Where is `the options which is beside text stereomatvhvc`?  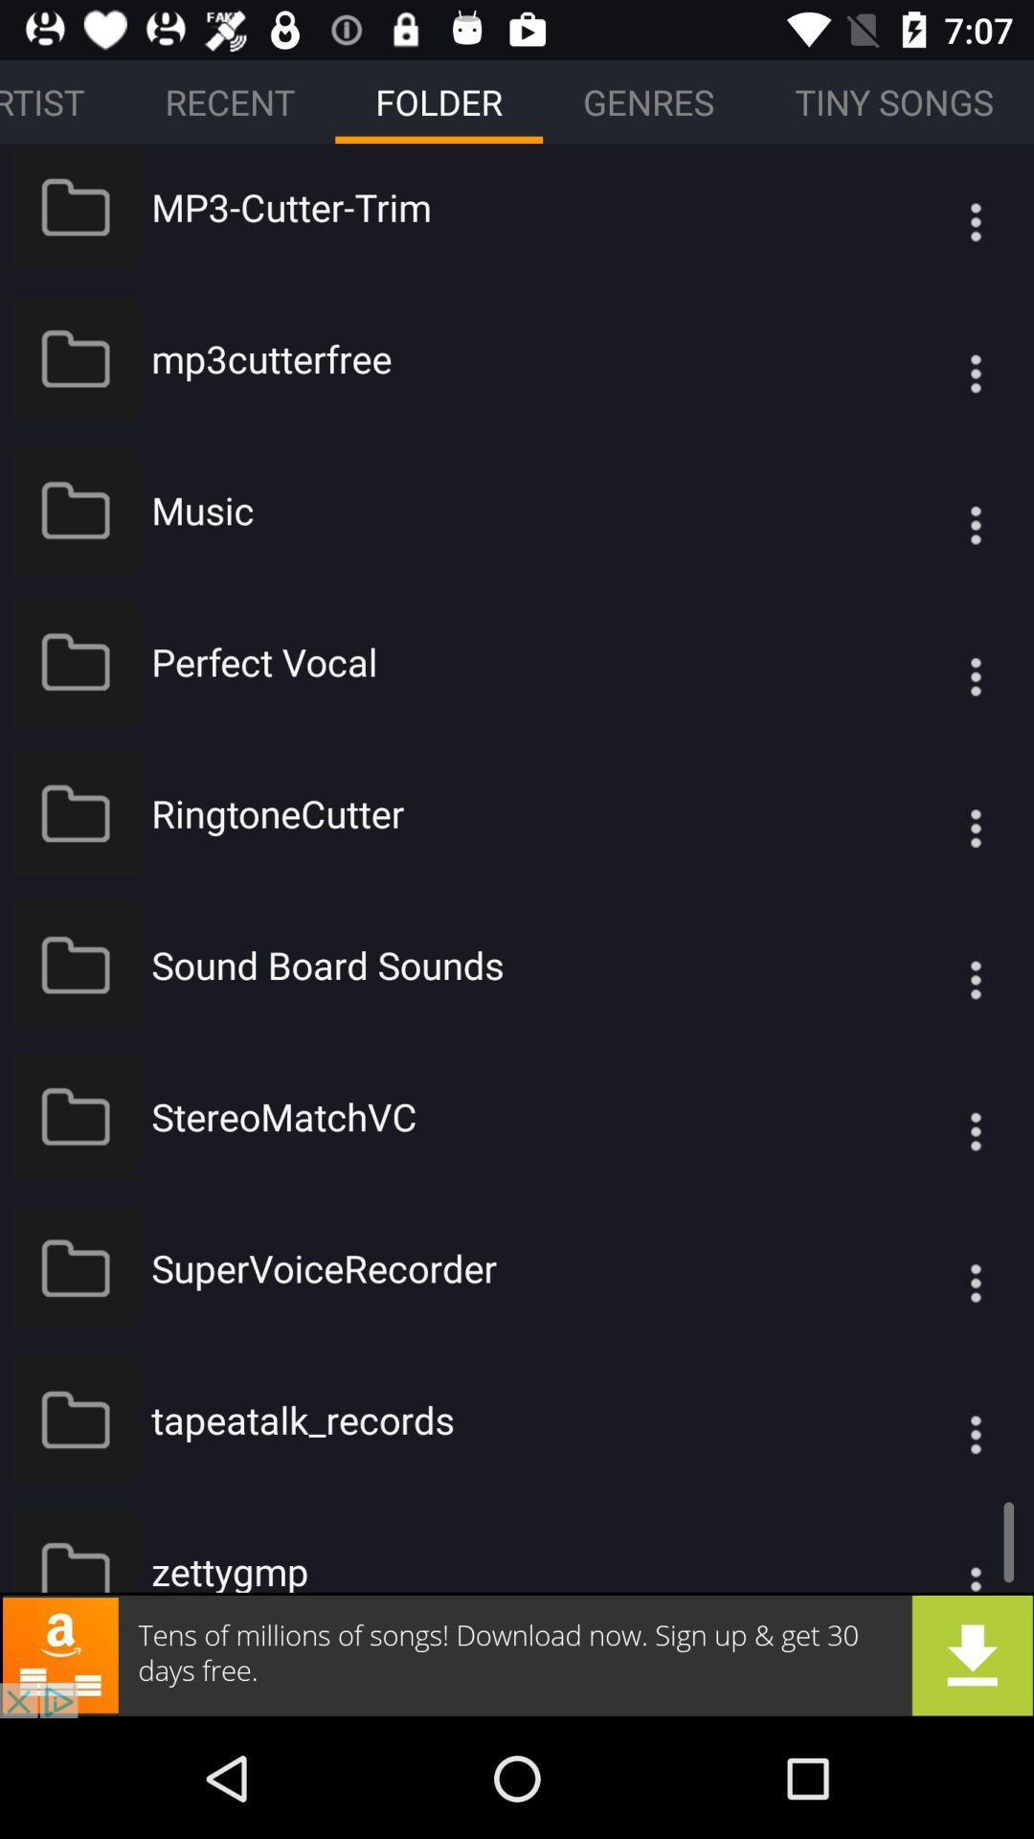 the options which is beside text stereomatvhvc is located at coordinates (936, 1117).